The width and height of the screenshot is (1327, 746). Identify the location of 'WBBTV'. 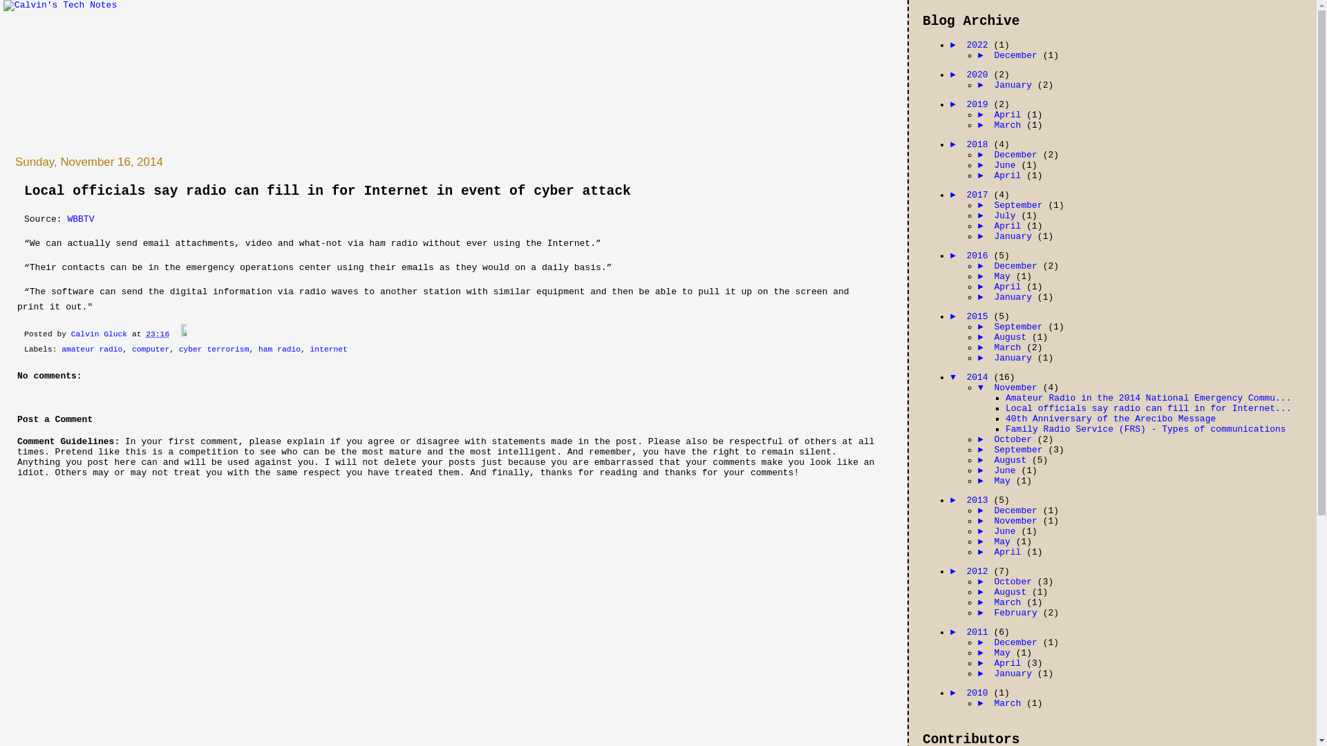
(66, 218).